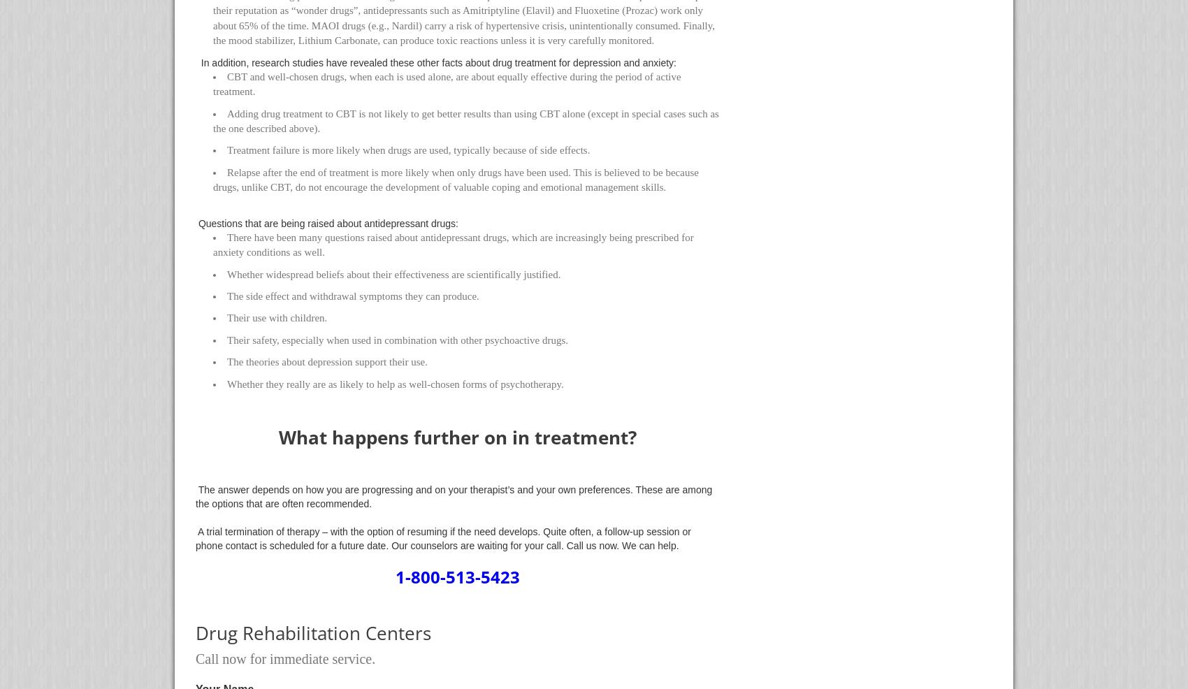 Image resolution: width=1188 pixels, height=689 pixels. Describe the element at coordinates (327, 361) in the screenshot. I see `'The theories about depression support their use.'` at that location.